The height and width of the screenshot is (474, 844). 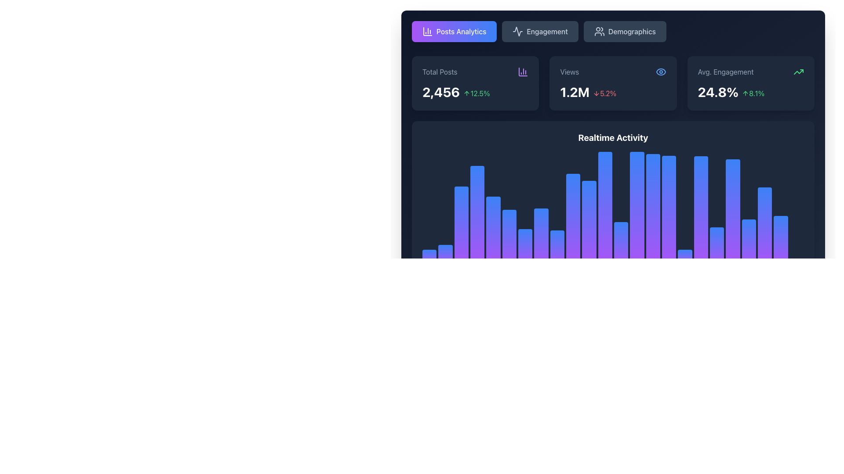 What do you see at coordinates (613, 83) in the screenshot?
I see `the Informational card titled 'Views' that displays '1.2M' with a red percentage of '-5.2%', located in the top row of a three-column grid layout` at bounding box center [613, 83].